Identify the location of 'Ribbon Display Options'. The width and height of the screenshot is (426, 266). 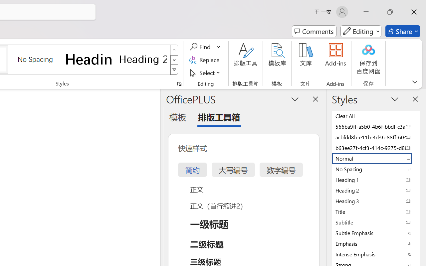
(414, 81).